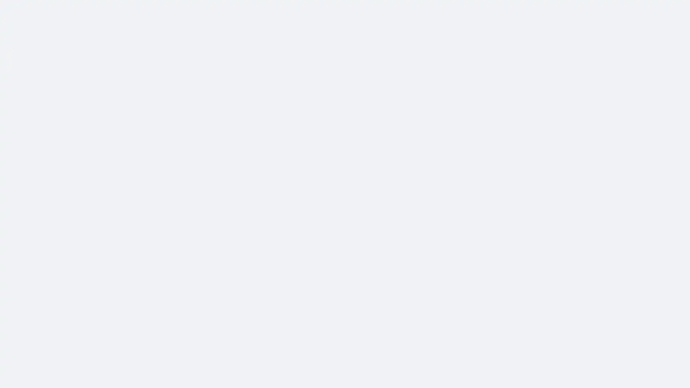  I want to click on View 1 more comment, so click(412, 240).